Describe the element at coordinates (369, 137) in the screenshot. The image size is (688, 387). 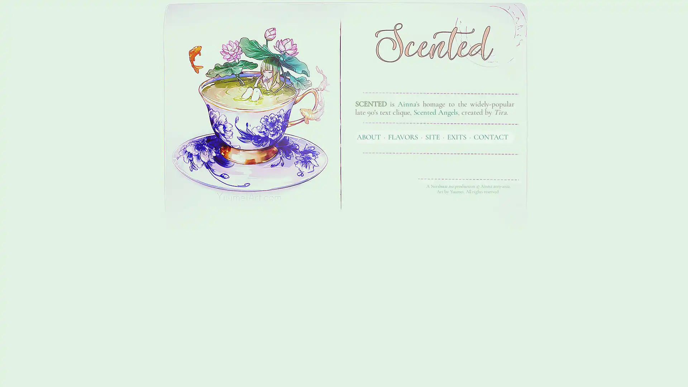
I see `ABOUT` at that location.